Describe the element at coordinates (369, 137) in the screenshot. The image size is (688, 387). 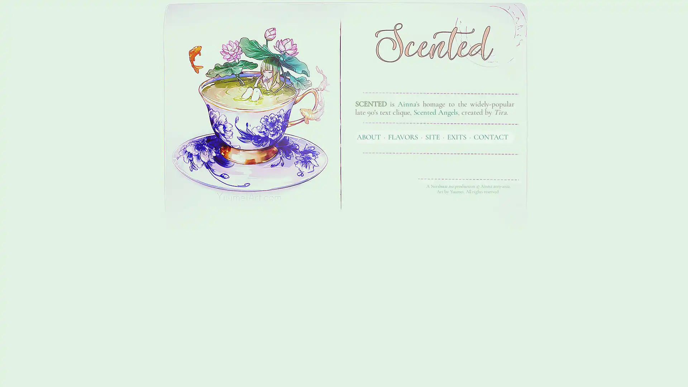
I see `ABOUT` at that location.